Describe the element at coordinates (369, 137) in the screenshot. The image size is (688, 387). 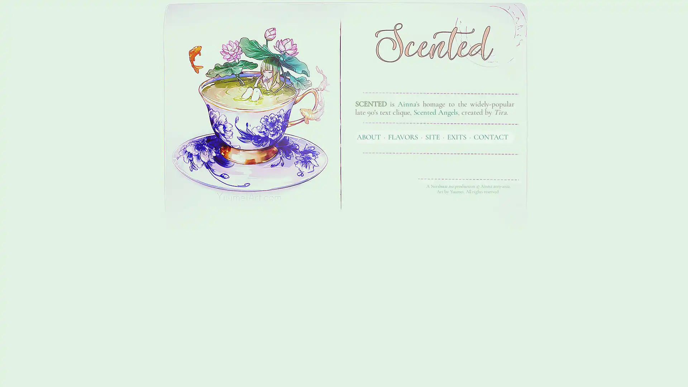
I see `ABOUT` at that location.